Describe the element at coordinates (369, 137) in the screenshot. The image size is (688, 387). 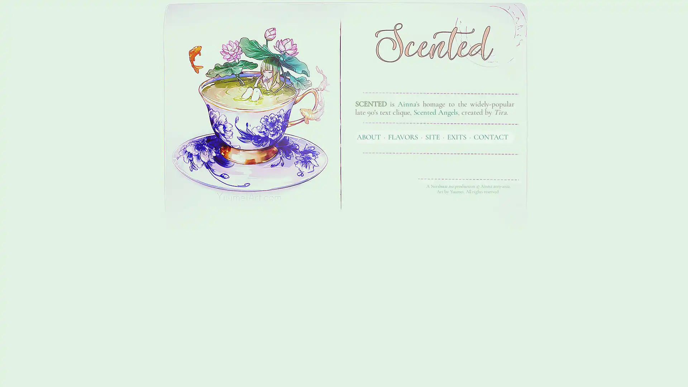
I see `ABOUT` at that location.